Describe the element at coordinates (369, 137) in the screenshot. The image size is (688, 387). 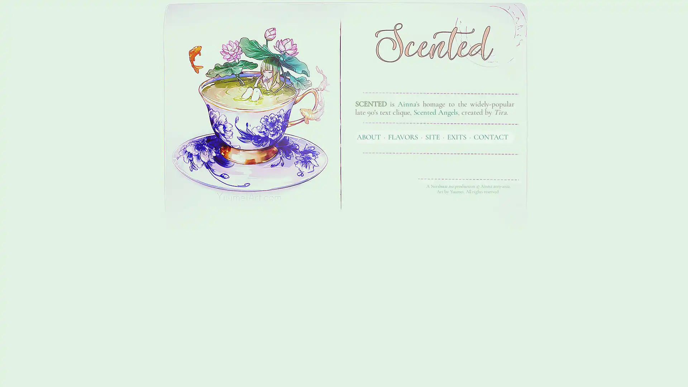
I see `ABOUT` at that location.